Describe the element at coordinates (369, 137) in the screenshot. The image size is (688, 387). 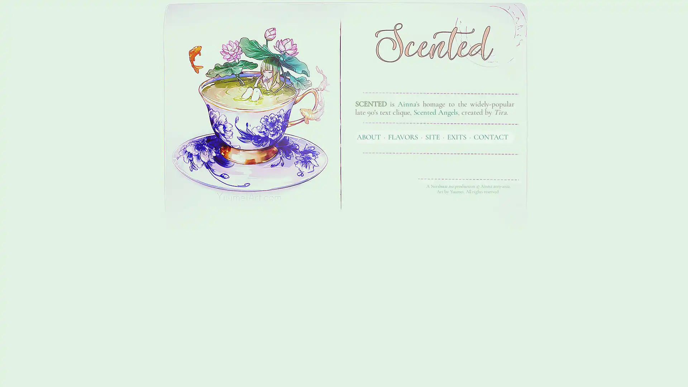
I see `ABOUT` at that location.